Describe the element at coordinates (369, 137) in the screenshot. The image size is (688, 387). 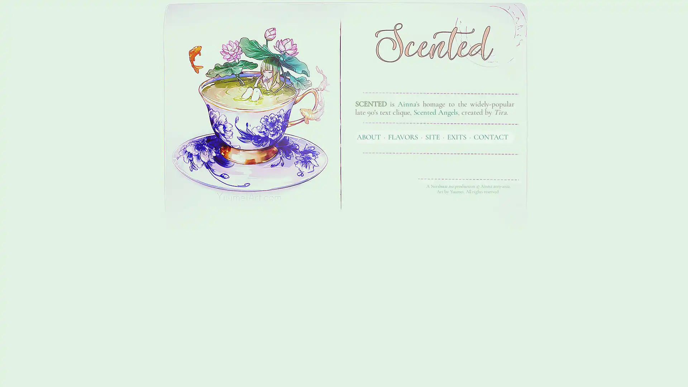
I see `ABOUT` at that location.